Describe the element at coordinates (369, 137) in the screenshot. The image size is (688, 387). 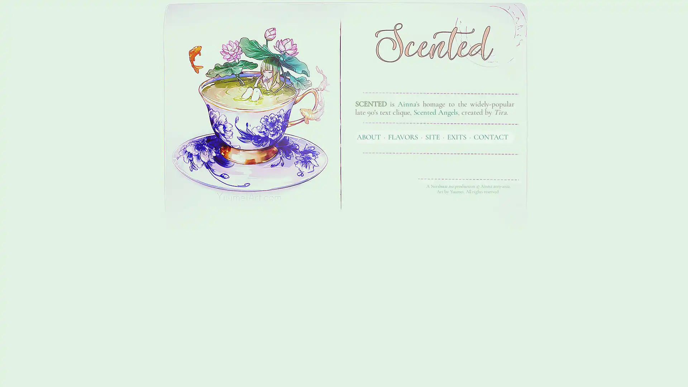
I see `ABOUT` at that location.